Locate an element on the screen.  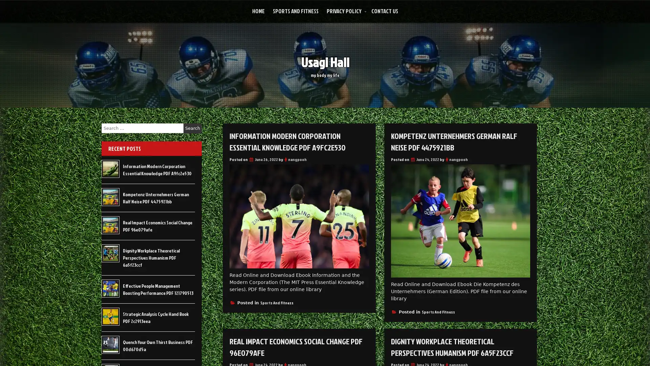
Search is located at coordinates (192, 128).